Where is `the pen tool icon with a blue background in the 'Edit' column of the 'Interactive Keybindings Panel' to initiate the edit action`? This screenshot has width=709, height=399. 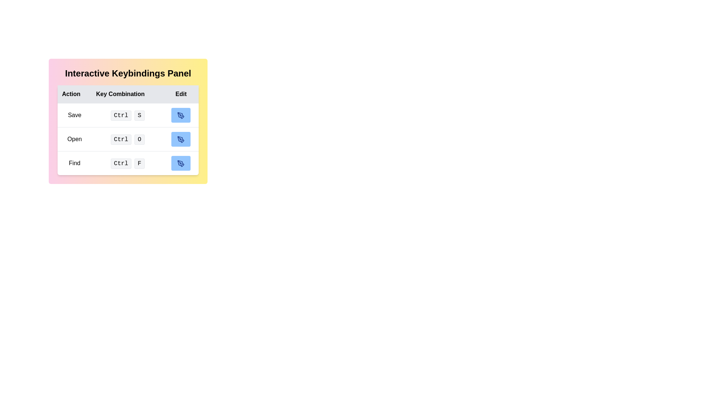 the pen tool icon with a blue background in the 'Edit' column of the 'Interactive Keybindings Panel' to initiate the edit action is located at coordinates (181, 139).